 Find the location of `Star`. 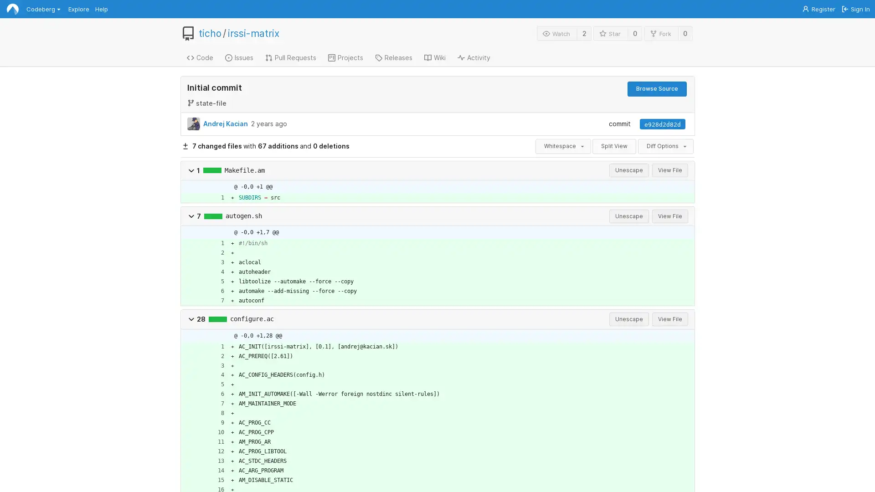

Star is located at coordinates (610, 33).